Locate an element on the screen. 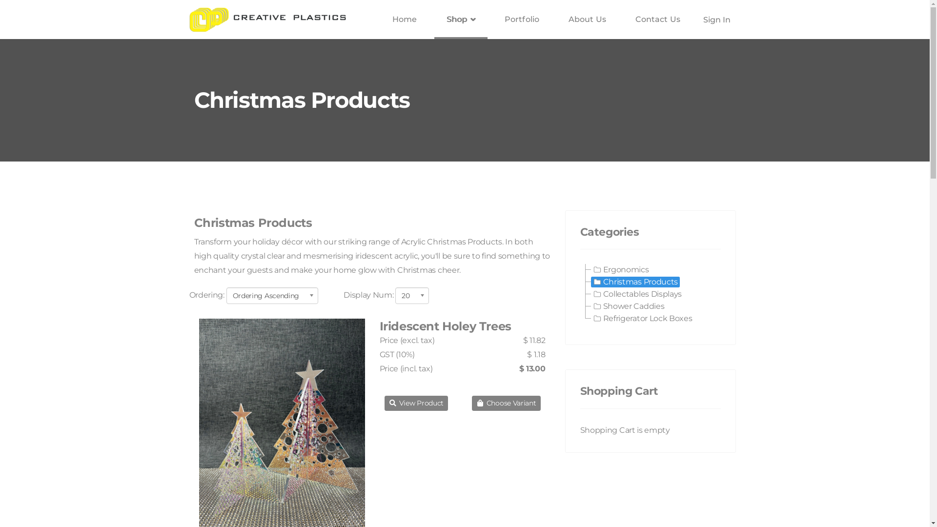  'Home' is located at coordinates (379, 19).